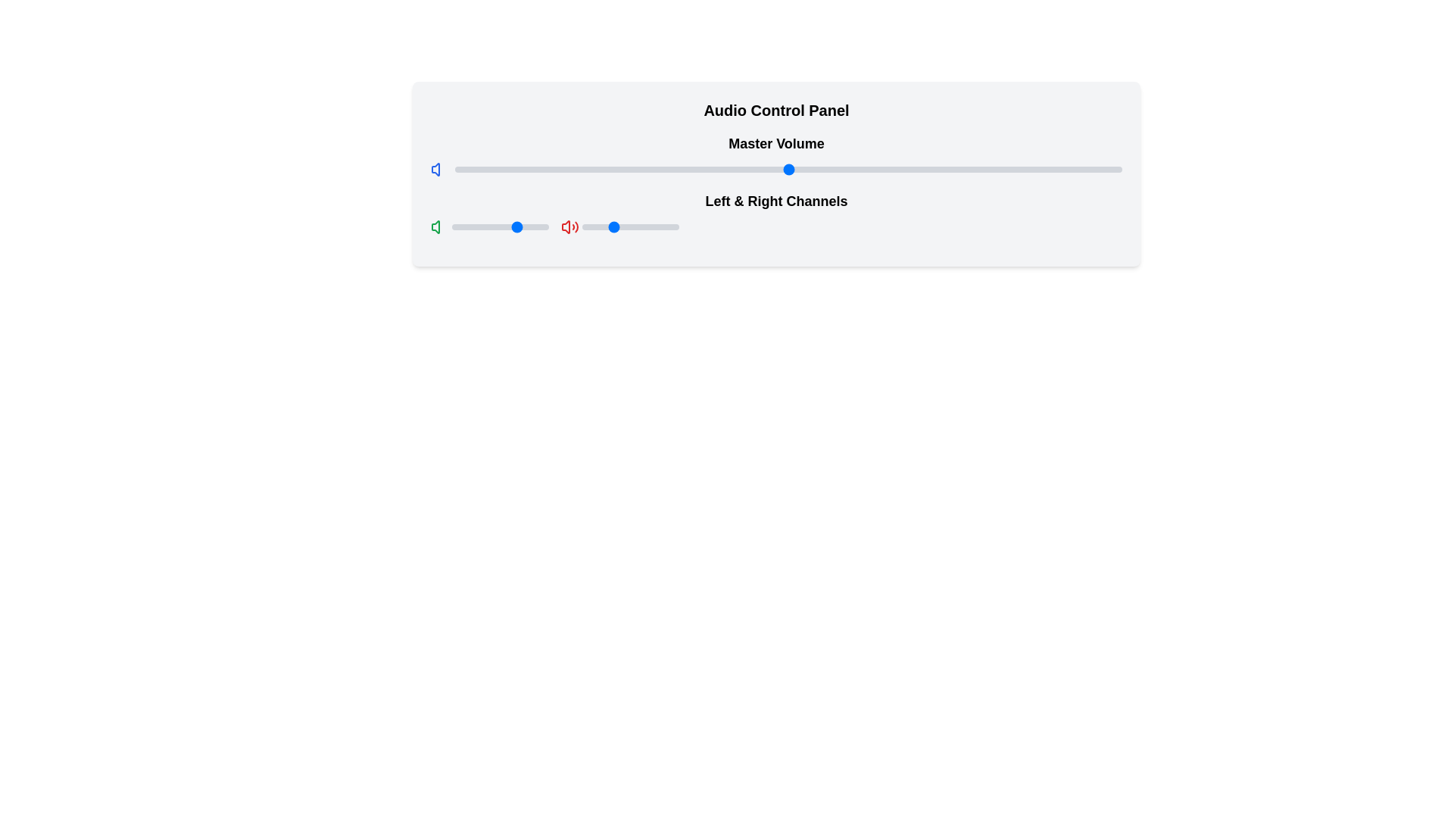 This screenshot has width=1454, height=818. Describe the element at coordinates (454, 169) in the screenshot. I see `the master volume level` at that location.